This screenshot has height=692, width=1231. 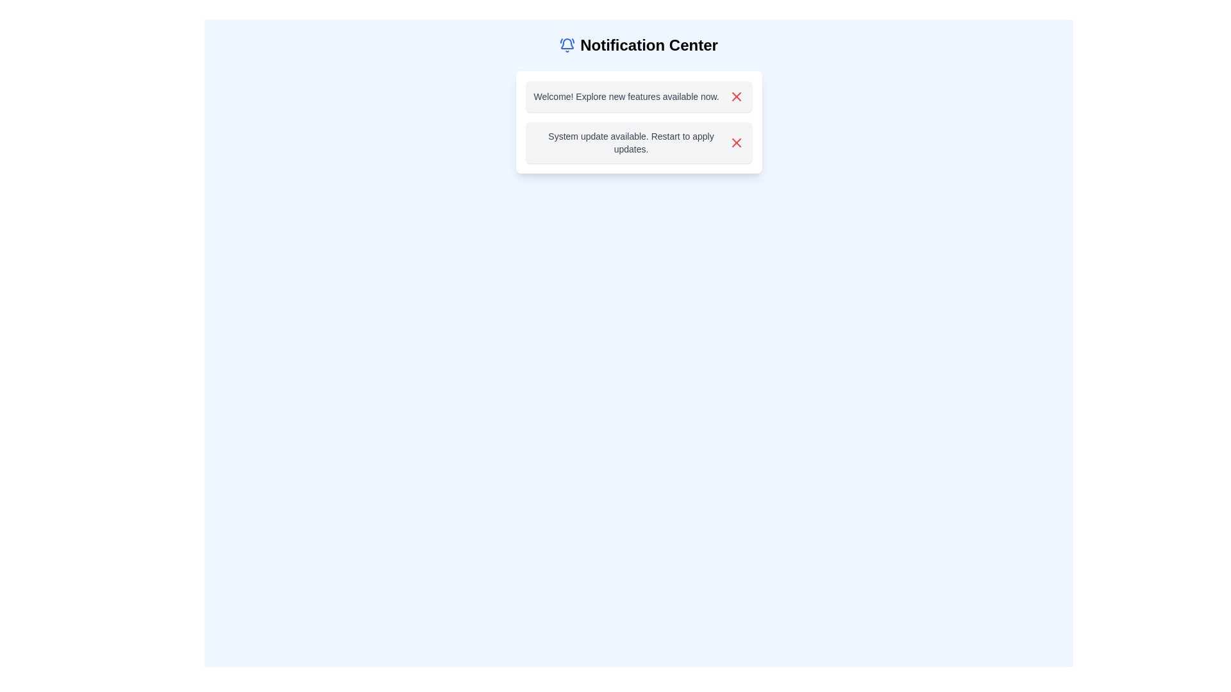 I want to click on the Text label that informs users about the system update availability and the need to restart to apply updates, so click(x=631, y=143).